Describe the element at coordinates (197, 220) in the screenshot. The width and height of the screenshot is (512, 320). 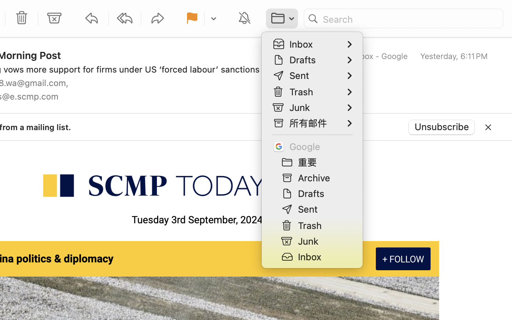
I see `'Tuesday 3rd September, 2024'` at that location.